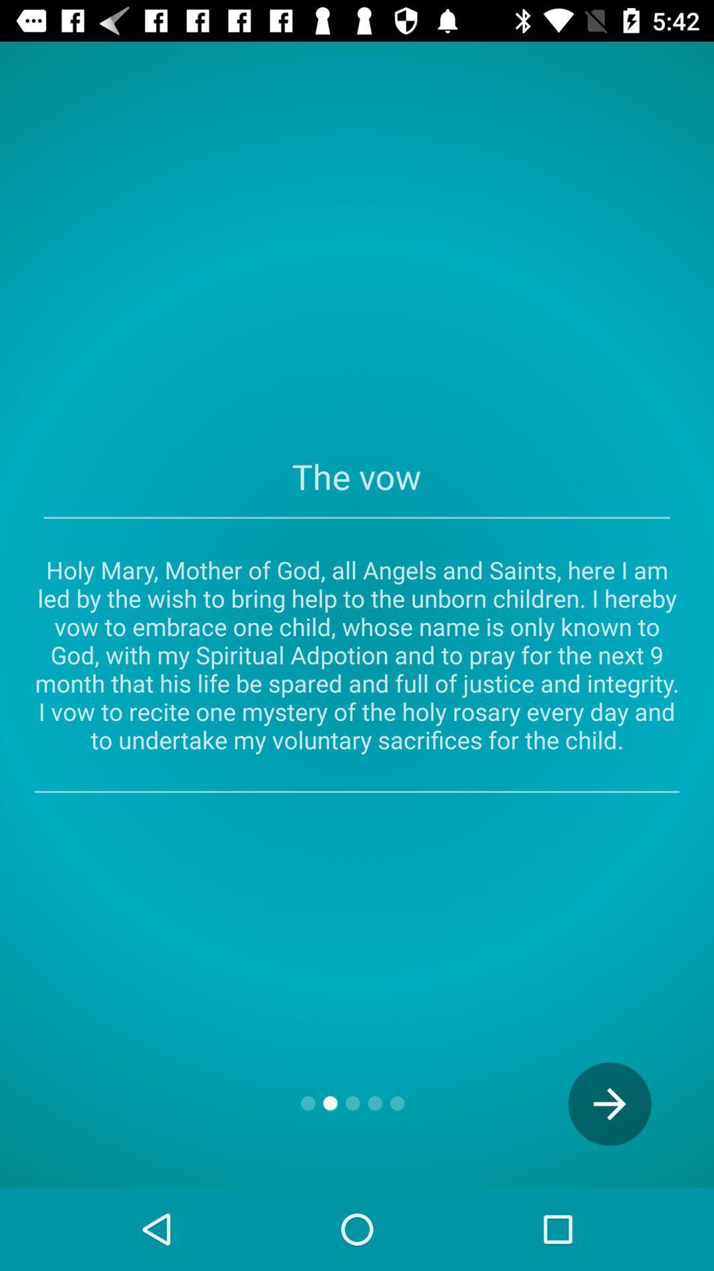 The image size is (714, 1271). Describe the element at coordinates (610, 1104) in the screenshot. I see `next screen` at that location.